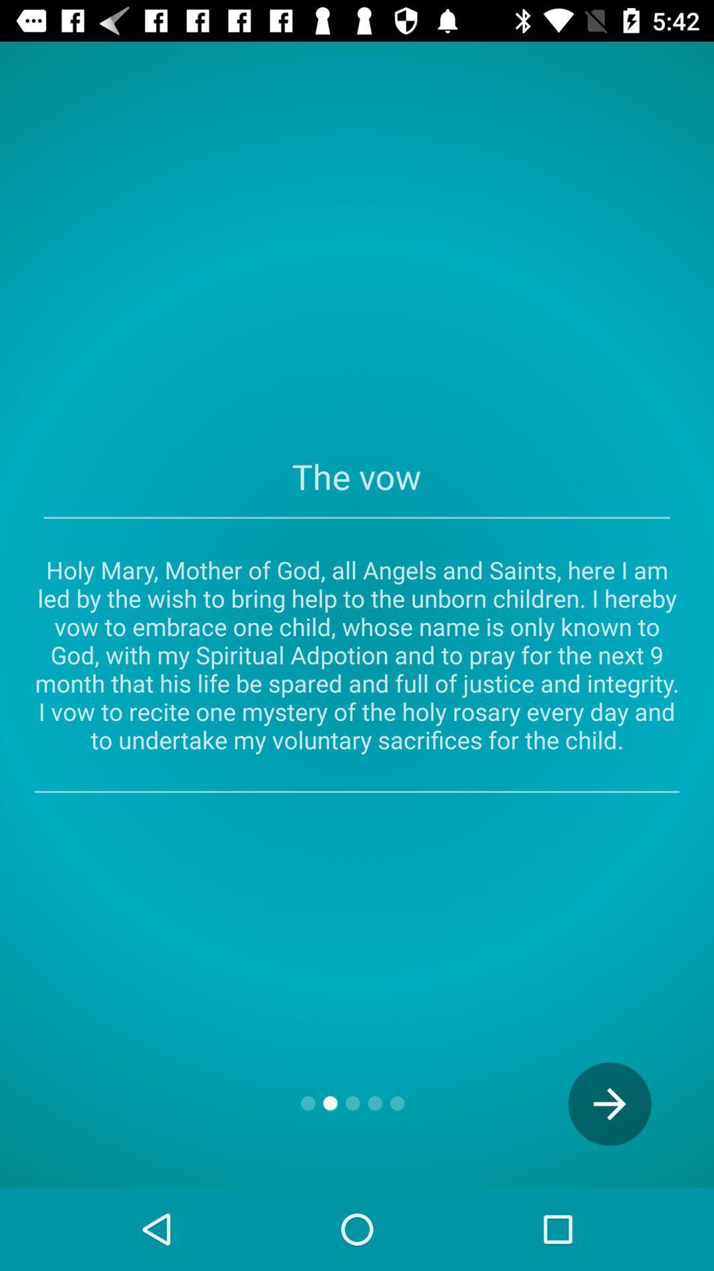 The image size is (714, 1271). Describe the element at coordinates (610, 1104) in the screenshot. I see `next screen` at that location.